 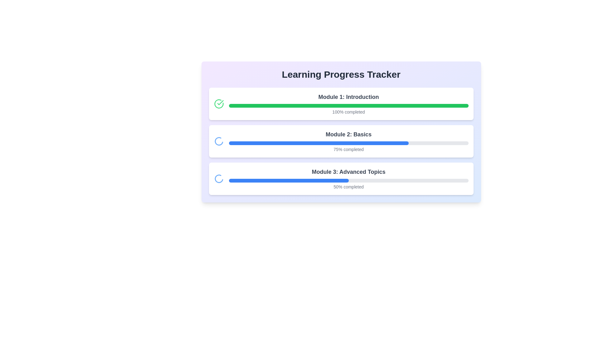 What do you see at coordinates (348, 172) in the screenshot?
I see `text block displaying 'Module 3: Advanced Topics' which is a bold gray label positioned within the 'Module 3' card, located above a blue progress bar and the completion percentage` at bounding box center [348, 172].